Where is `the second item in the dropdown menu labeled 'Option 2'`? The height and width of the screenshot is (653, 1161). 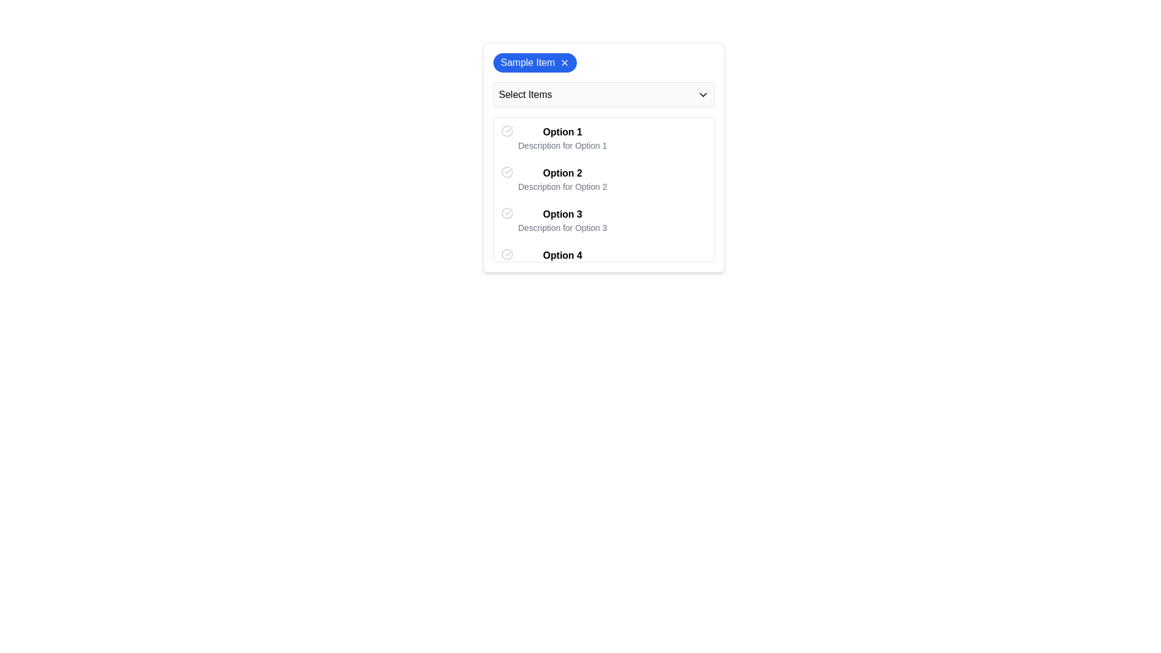 the second item in the dropdown menu labeled 'Option 2' is located at coordinates (603, 180).